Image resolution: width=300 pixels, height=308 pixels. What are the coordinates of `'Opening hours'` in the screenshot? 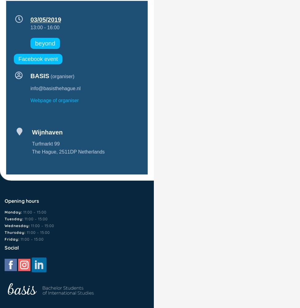 It's located at (22, 200).